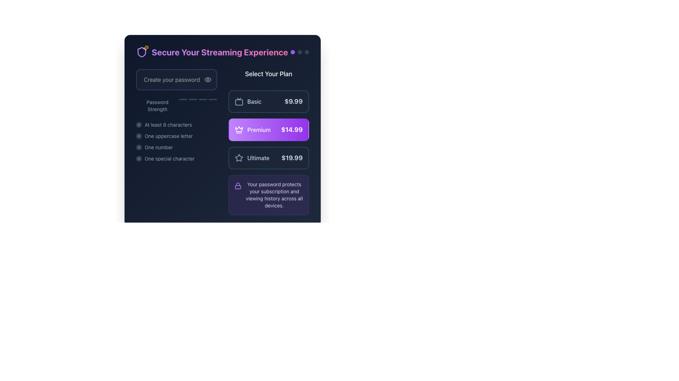  I want to click on the changes in the Progress indicator or level bar that visually represents password strength, located under the 'Create your password' input field and right-aligned with 'Password Strength', so click(198, 106).